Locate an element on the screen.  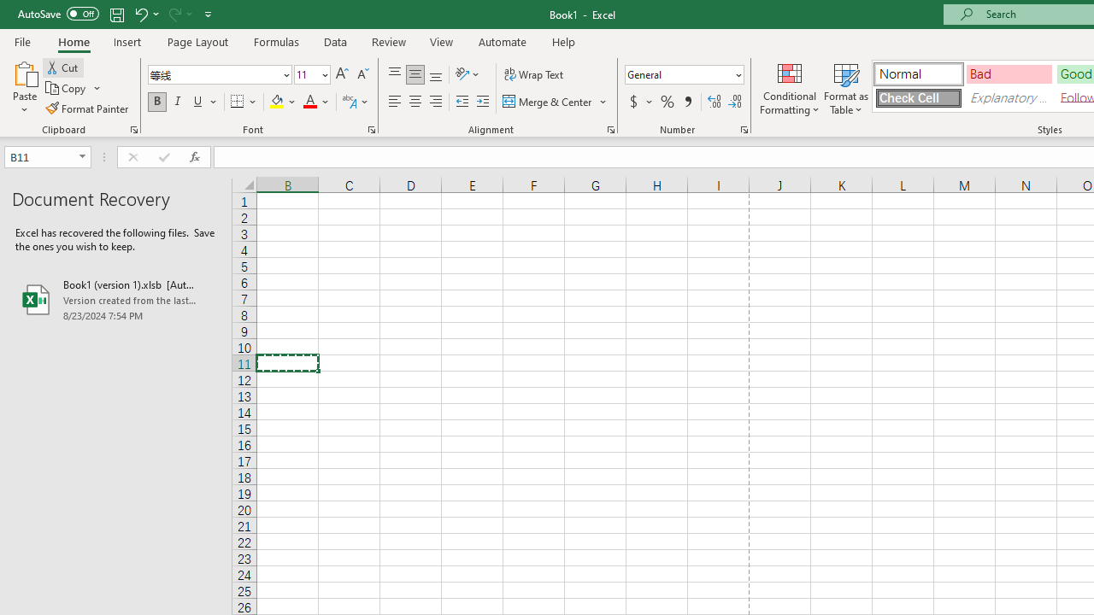
'Merge & Center' is located at coordinates (548, 102).